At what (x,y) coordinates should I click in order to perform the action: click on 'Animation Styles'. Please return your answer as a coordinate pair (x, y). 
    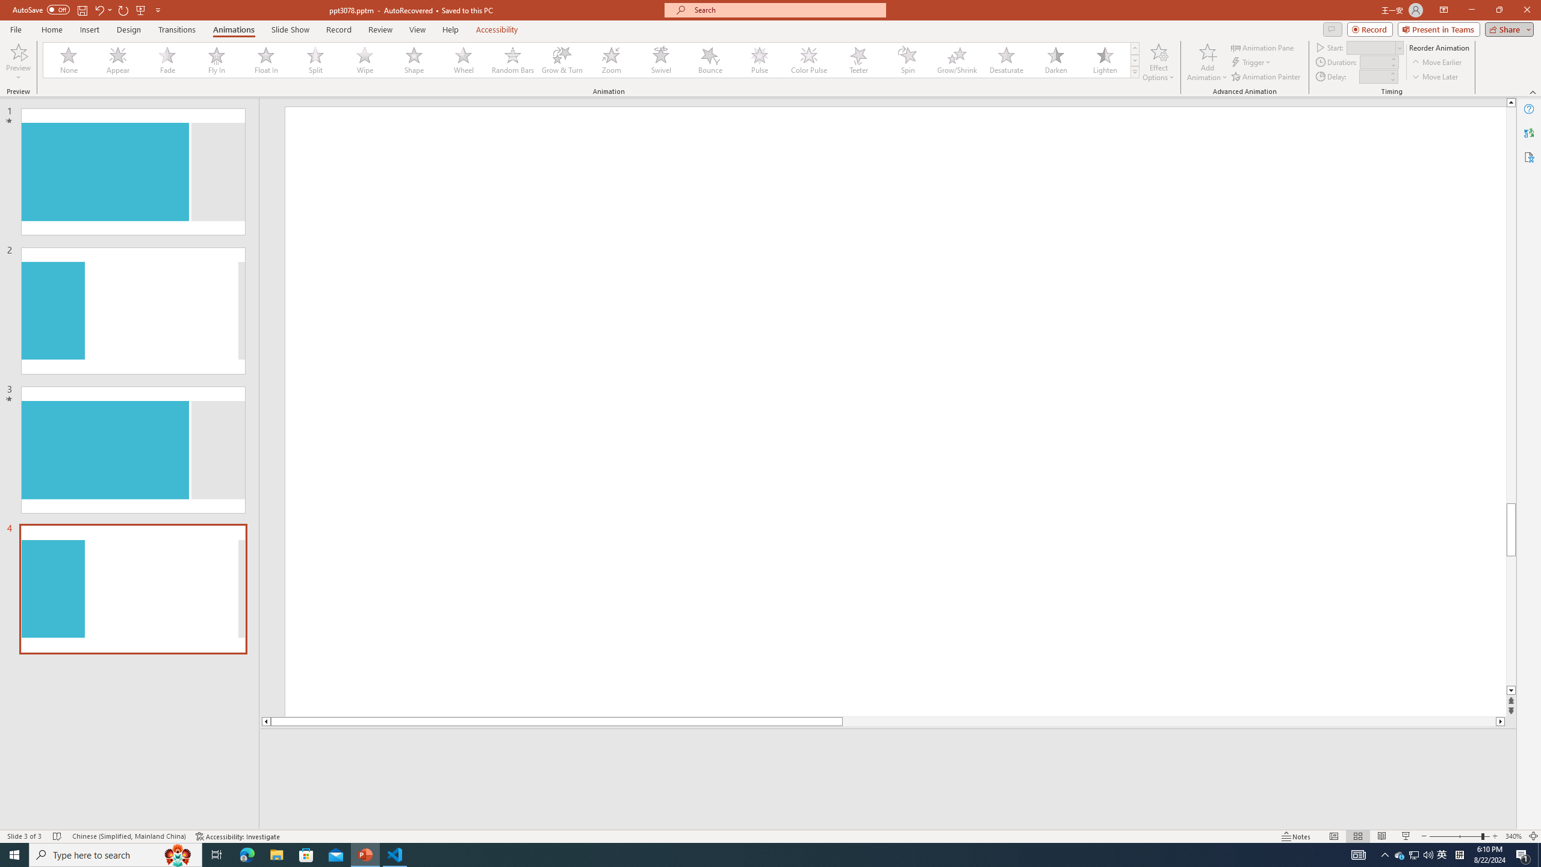
    Looking at the image, I should click on (1134, 71).